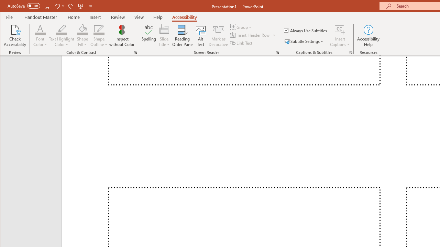  What do you see at coordinates (15, 36) in the screenshot?
I see `'Check Accessibility'` at bounding box center [15, 36].